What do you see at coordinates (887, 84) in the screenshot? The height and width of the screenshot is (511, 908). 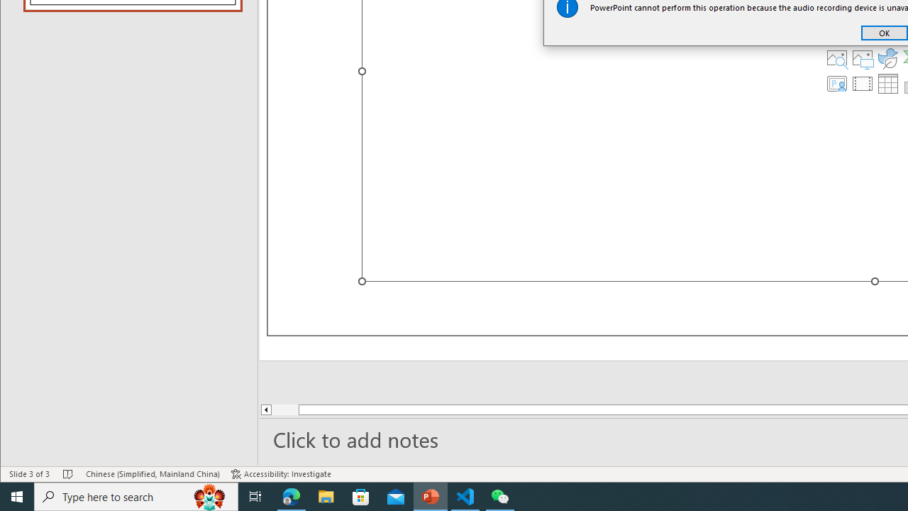 I see `'Insert Table'` at bounding box center [887, 84].